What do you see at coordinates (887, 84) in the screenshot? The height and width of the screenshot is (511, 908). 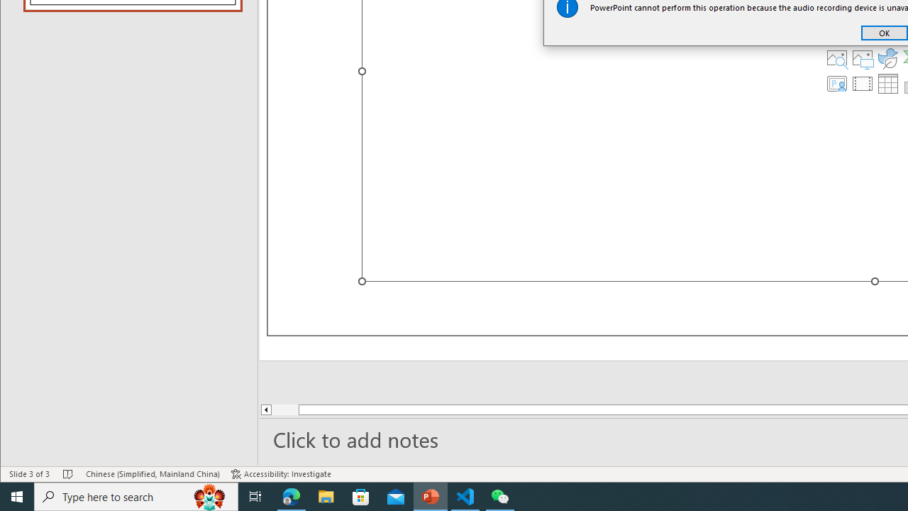 I see `'Insert Table'` at bounding box center [887, 84].